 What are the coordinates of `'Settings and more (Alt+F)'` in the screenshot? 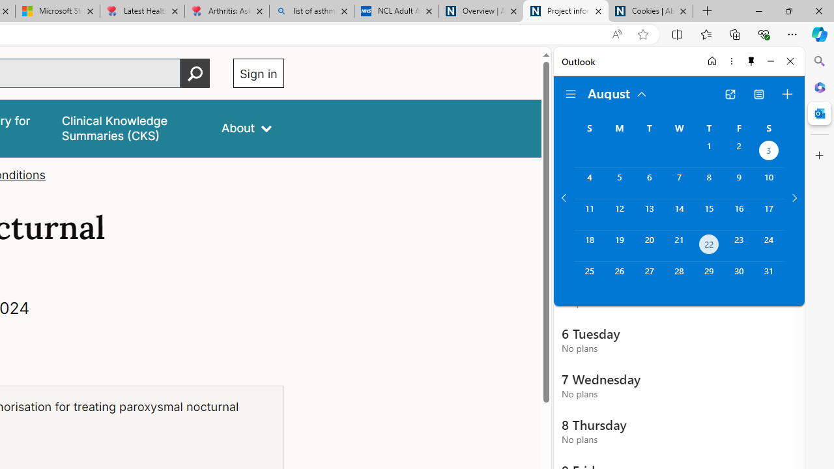 It's located at (792, 33).